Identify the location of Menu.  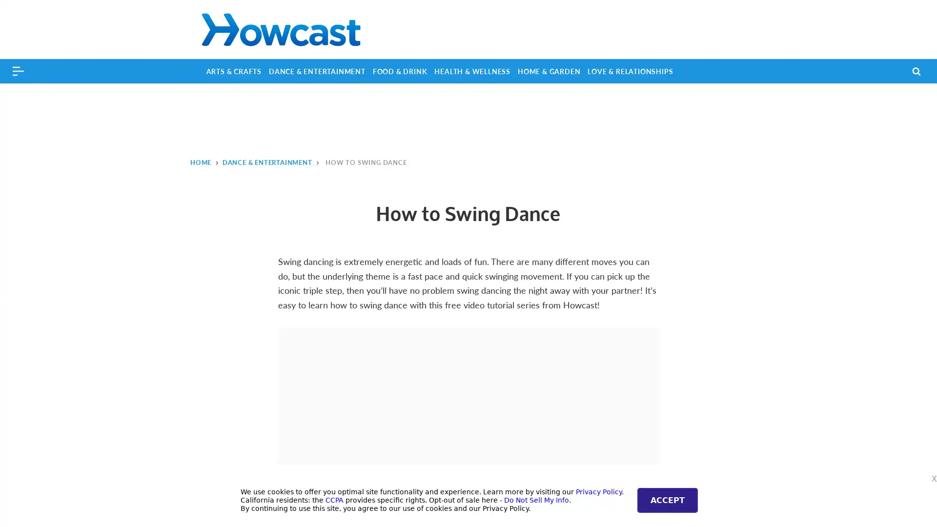
(18, 71).